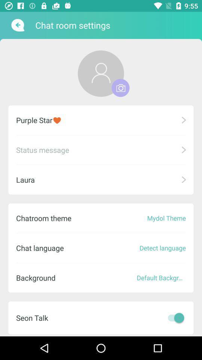 This screenshot has height=360, width=202. What do you see at coordinates (120, 88) in the screenshot?
I see `avatar` at bounding box center [120, 88].